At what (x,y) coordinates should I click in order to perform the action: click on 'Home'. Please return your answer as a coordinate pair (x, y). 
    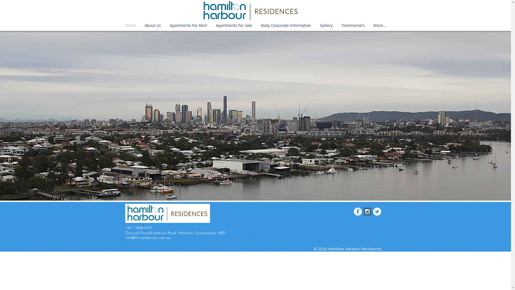
    Looking at the image, I should click on (120, 26).